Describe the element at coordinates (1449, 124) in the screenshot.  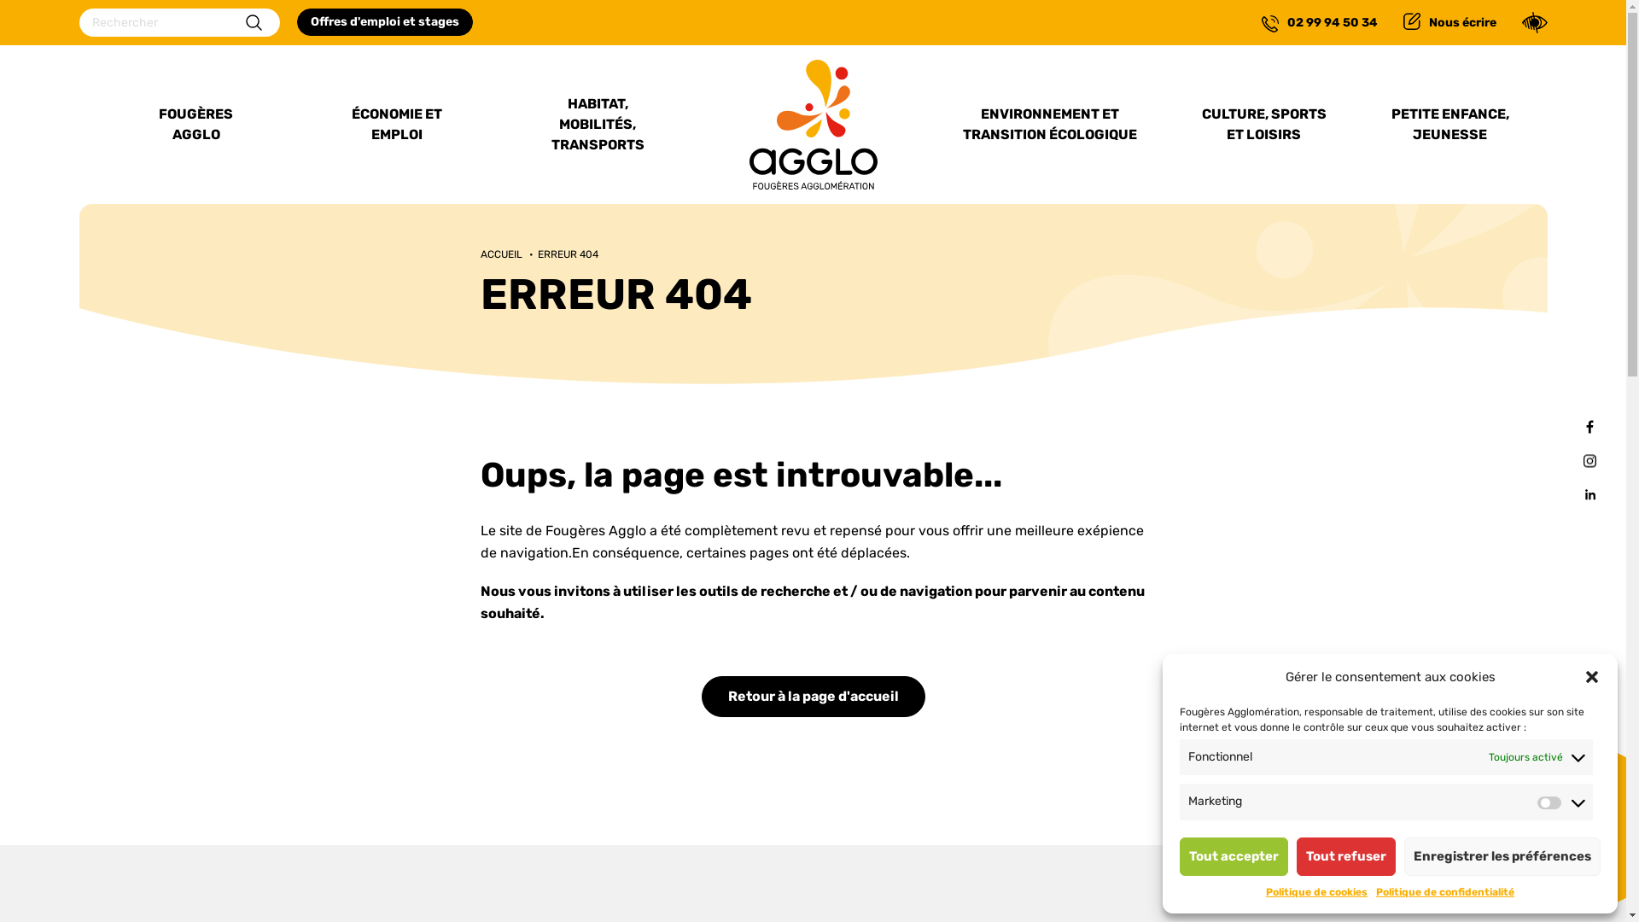
I see `'PETITE ENFANCE, JEUNESSE'` at that location.